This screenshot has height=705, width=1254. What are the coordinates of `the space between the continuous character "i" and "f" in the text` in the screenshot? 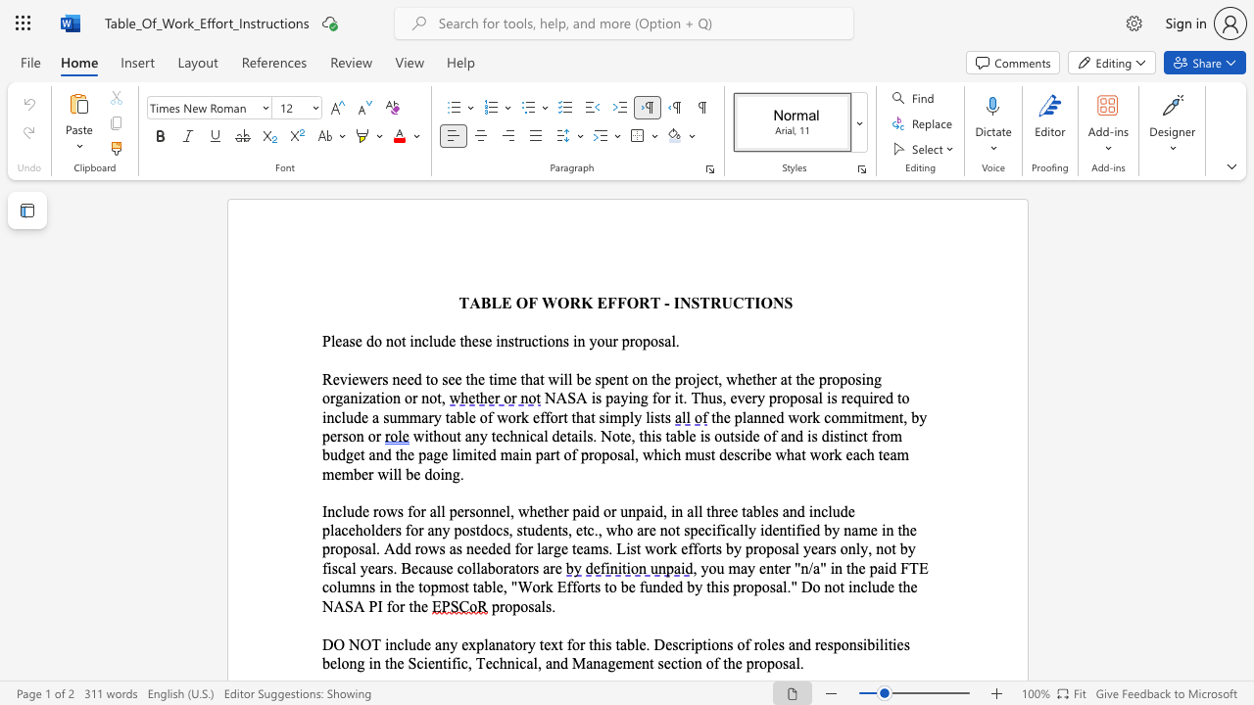 It's located at (796, 530).